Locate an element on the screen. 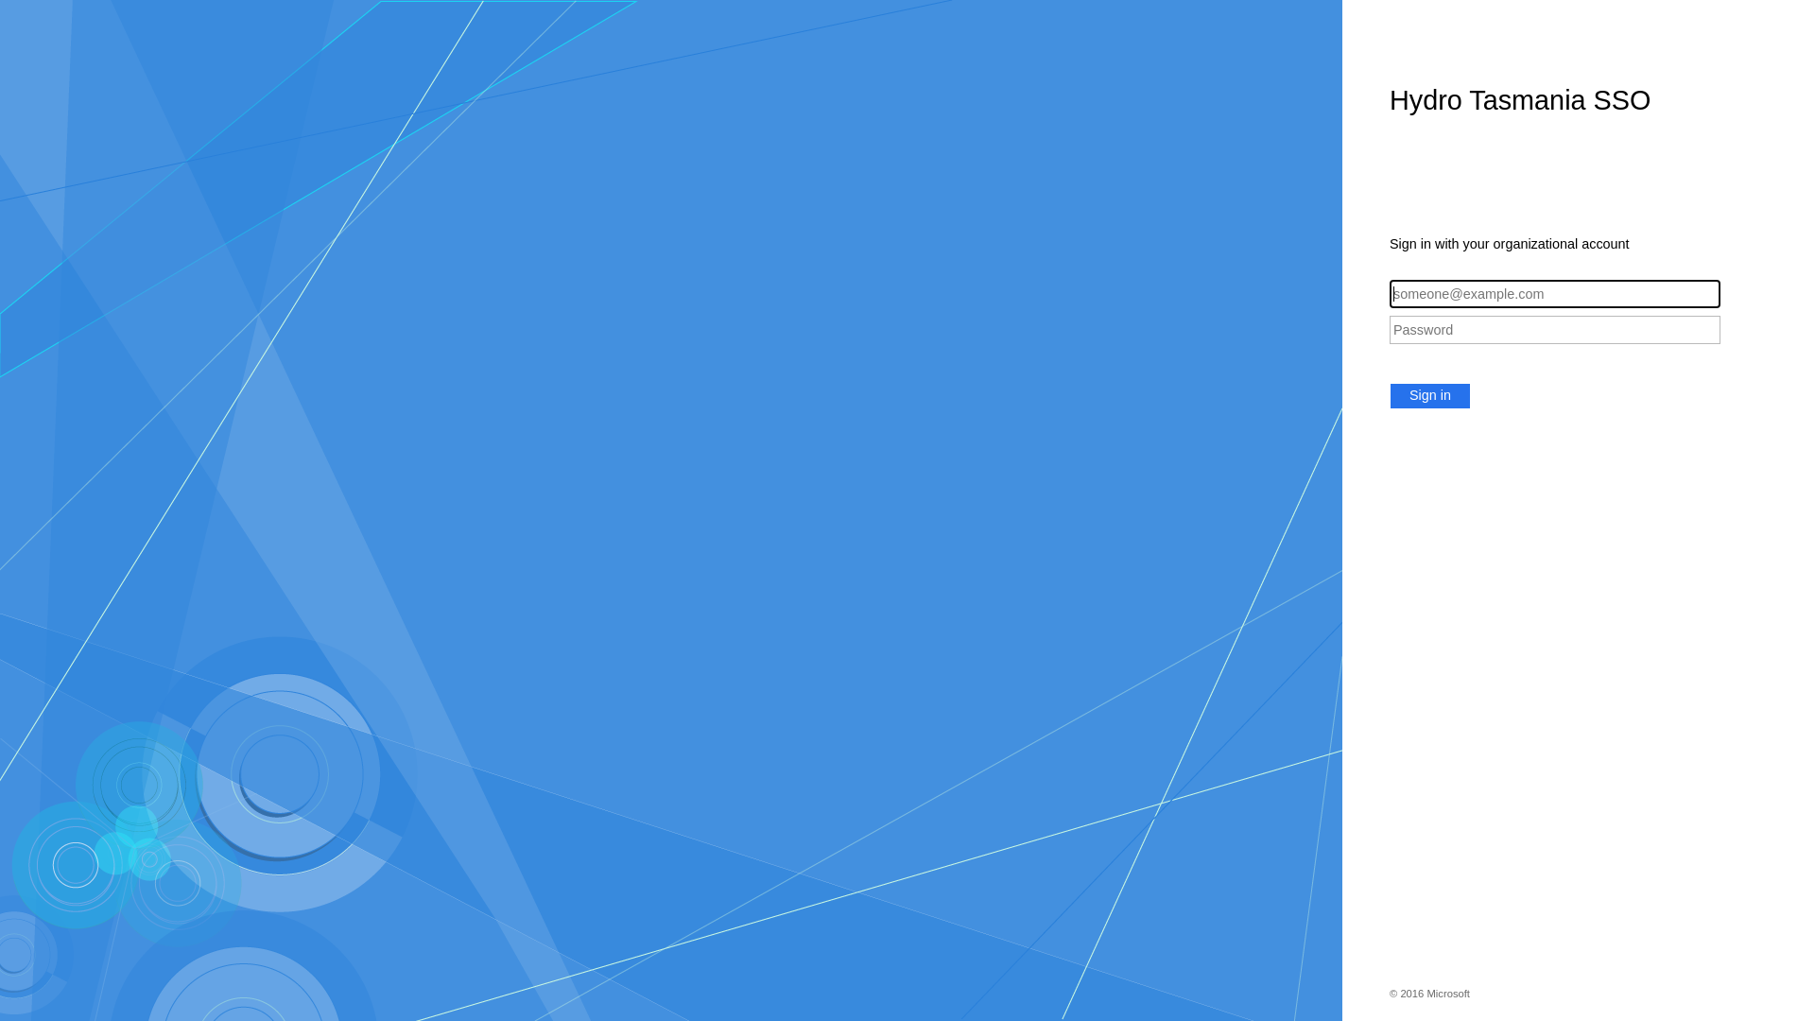  'Sign in' is located at coordinates (1429, 395).